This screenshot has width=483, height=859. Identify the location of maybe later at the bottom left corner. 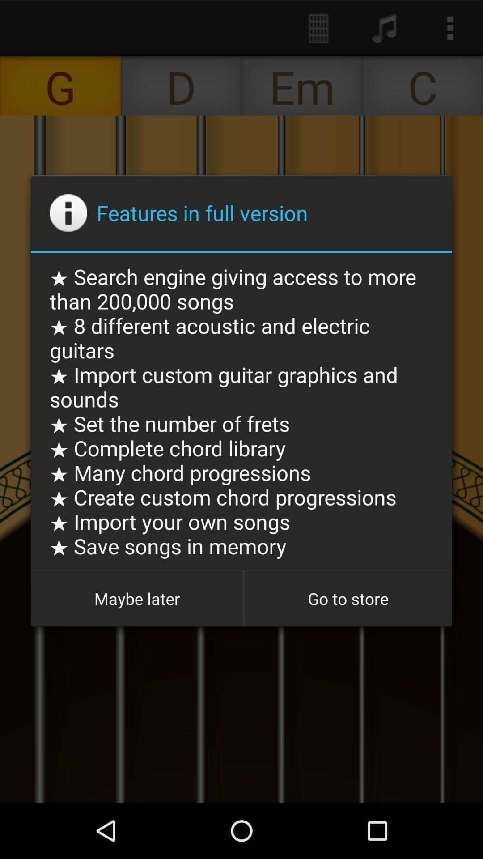
(137, 599).